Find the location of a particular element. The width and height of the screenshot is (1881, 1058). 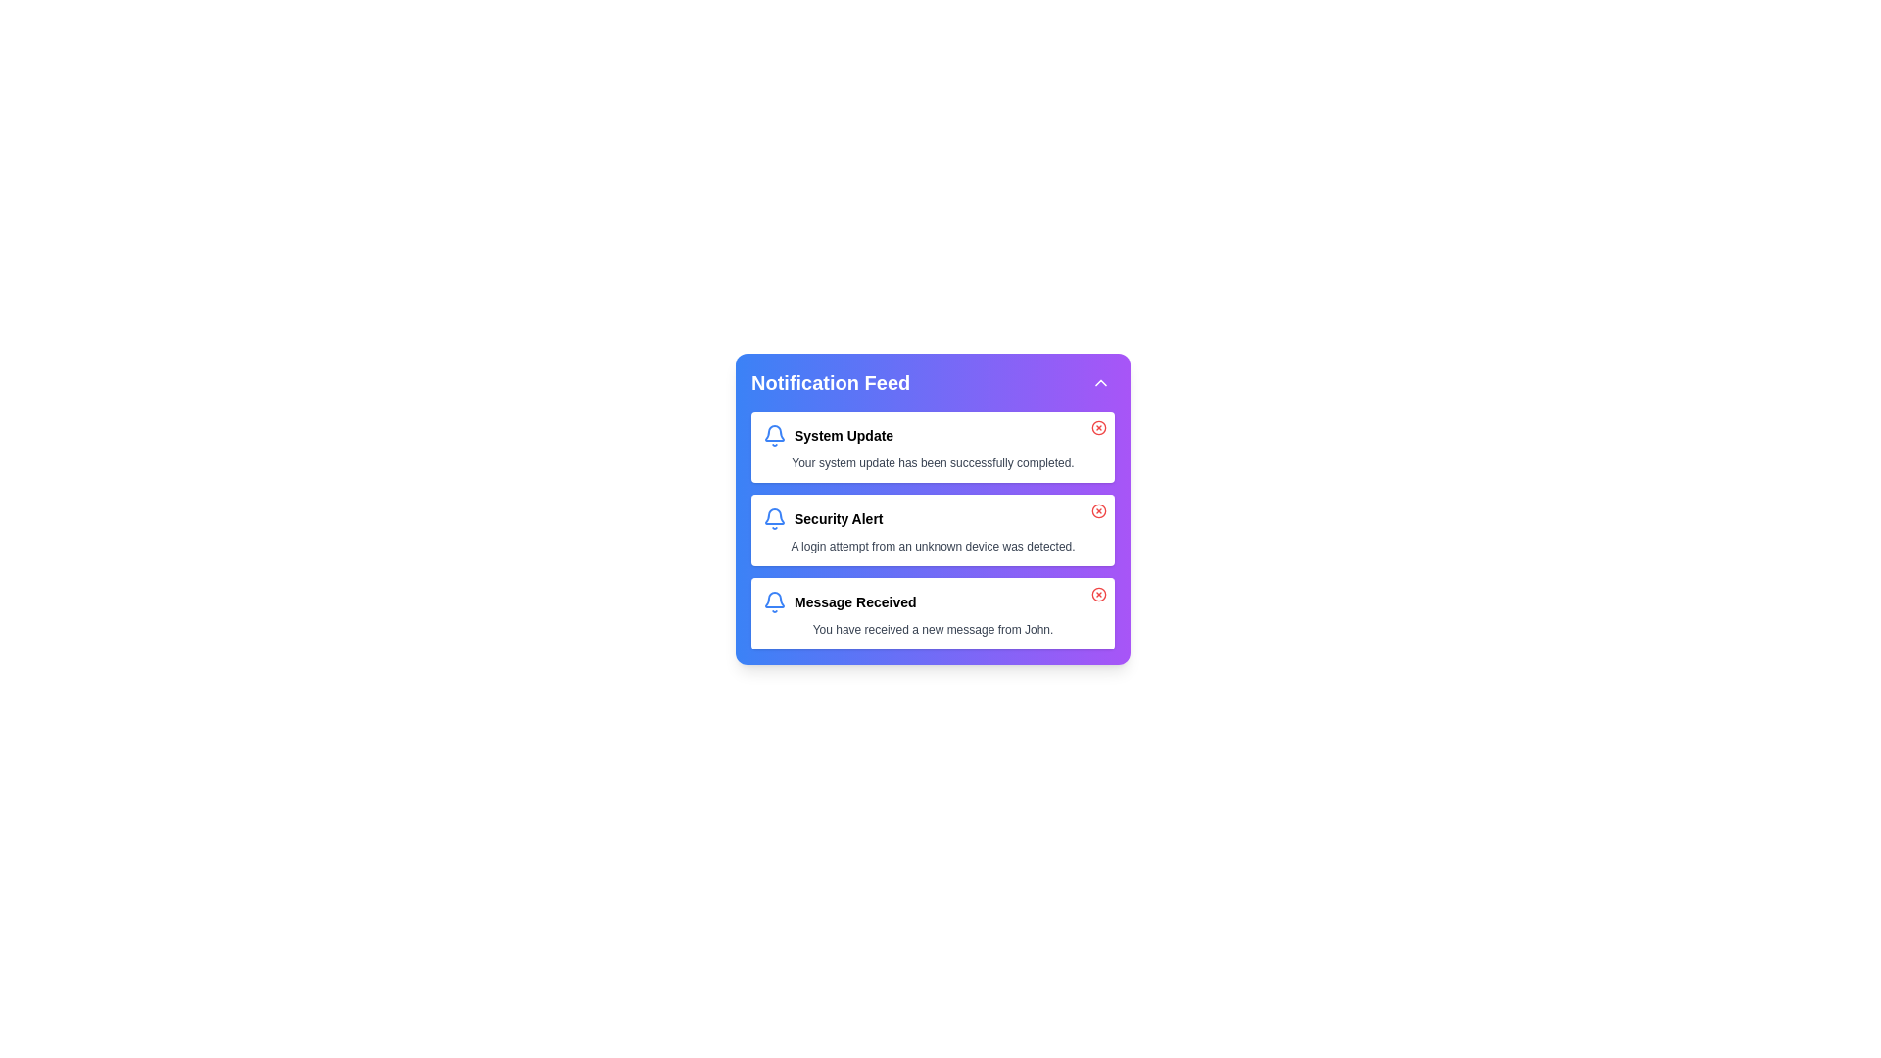

the blue bell-shaped notification icon located to the left of the associated title in the notification-centered UI layout is located at coordinates (774, 515).